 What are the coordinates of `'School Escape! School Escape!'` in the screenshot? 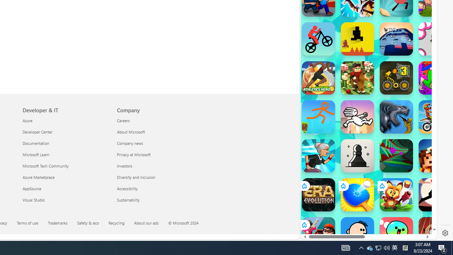 It's located at (318, 233).